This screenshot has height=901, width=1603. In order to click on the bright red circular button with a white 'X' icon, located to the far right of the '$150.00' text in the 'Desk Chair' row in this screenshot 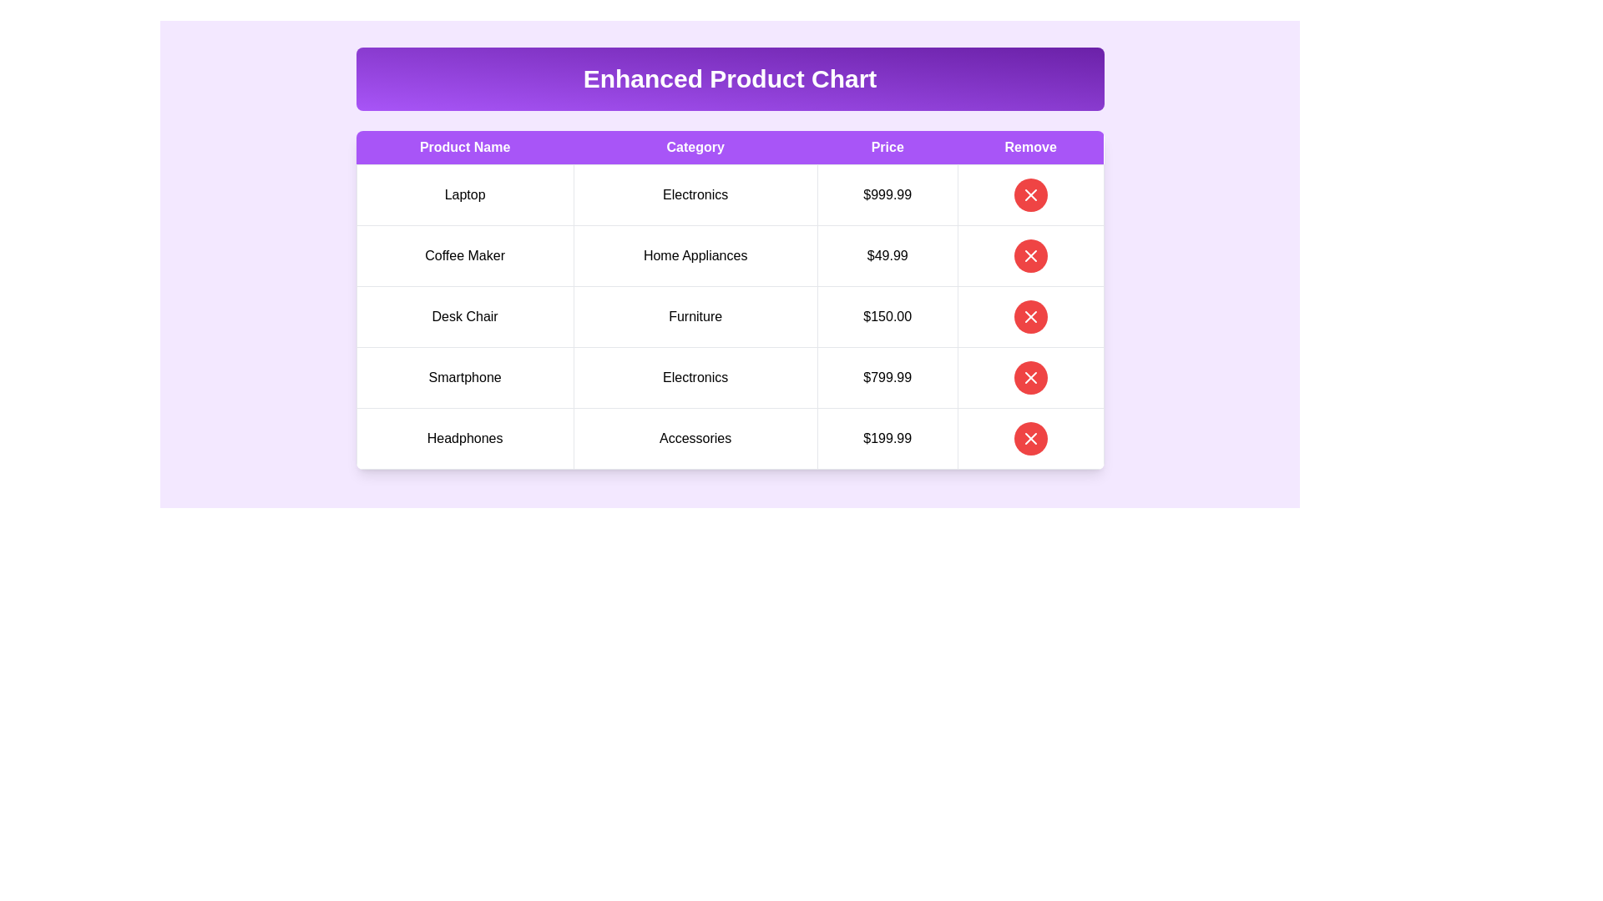, I will do `click(1029, 317)`.